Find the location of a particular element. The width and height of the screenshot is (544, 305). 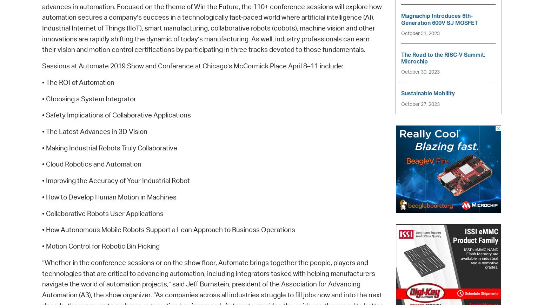

'• How to Develop Human Motion in Machines' is located at coordinates (109, 197).